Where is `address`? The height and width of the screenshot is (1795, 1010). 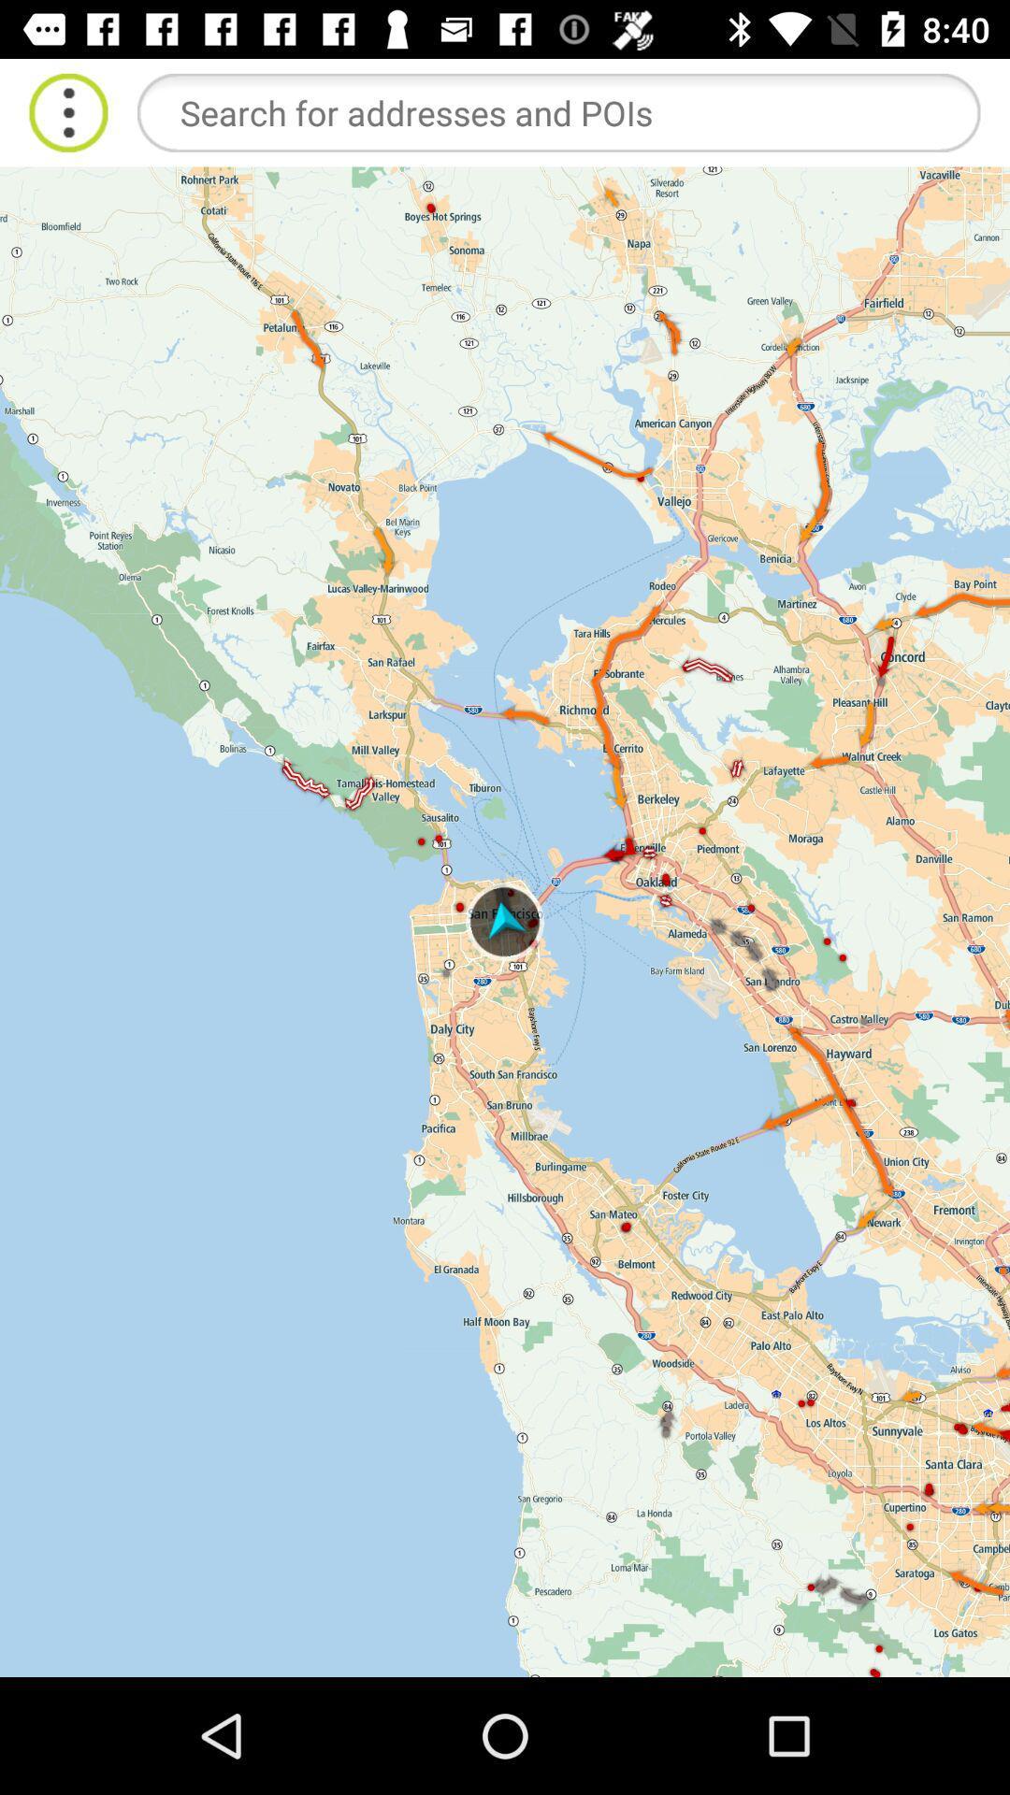 address is located at coordinates (557, 111).